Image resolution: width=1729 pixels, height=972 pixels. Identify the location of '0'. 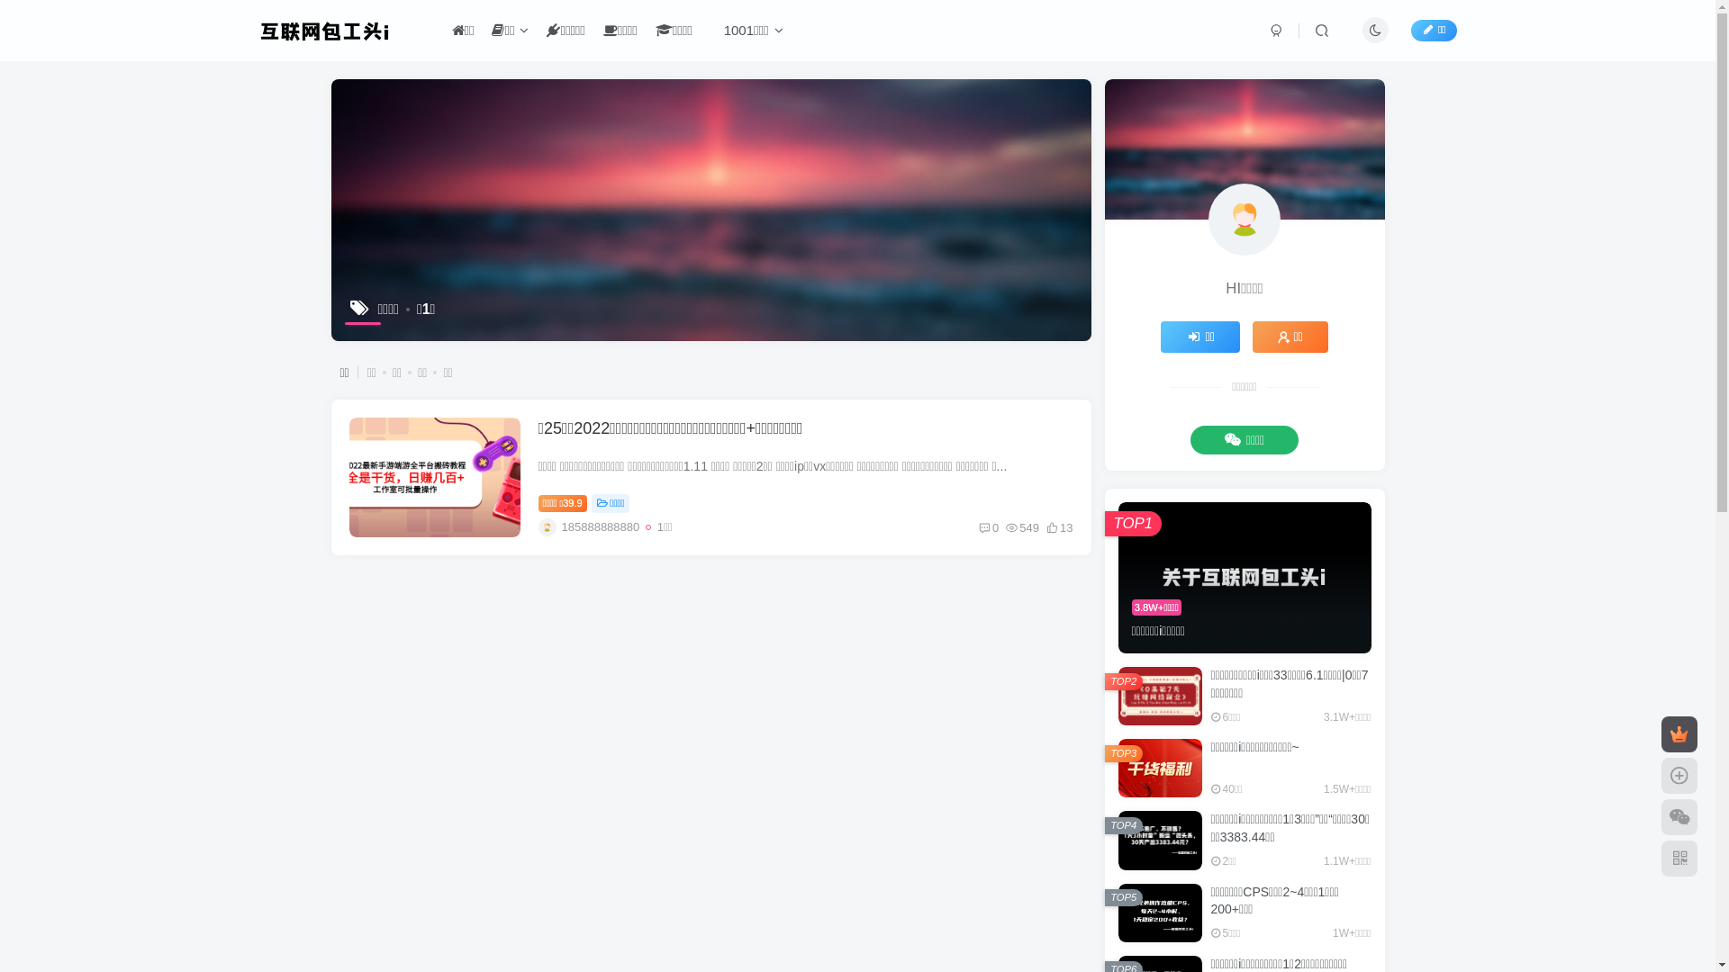
(988, 526).